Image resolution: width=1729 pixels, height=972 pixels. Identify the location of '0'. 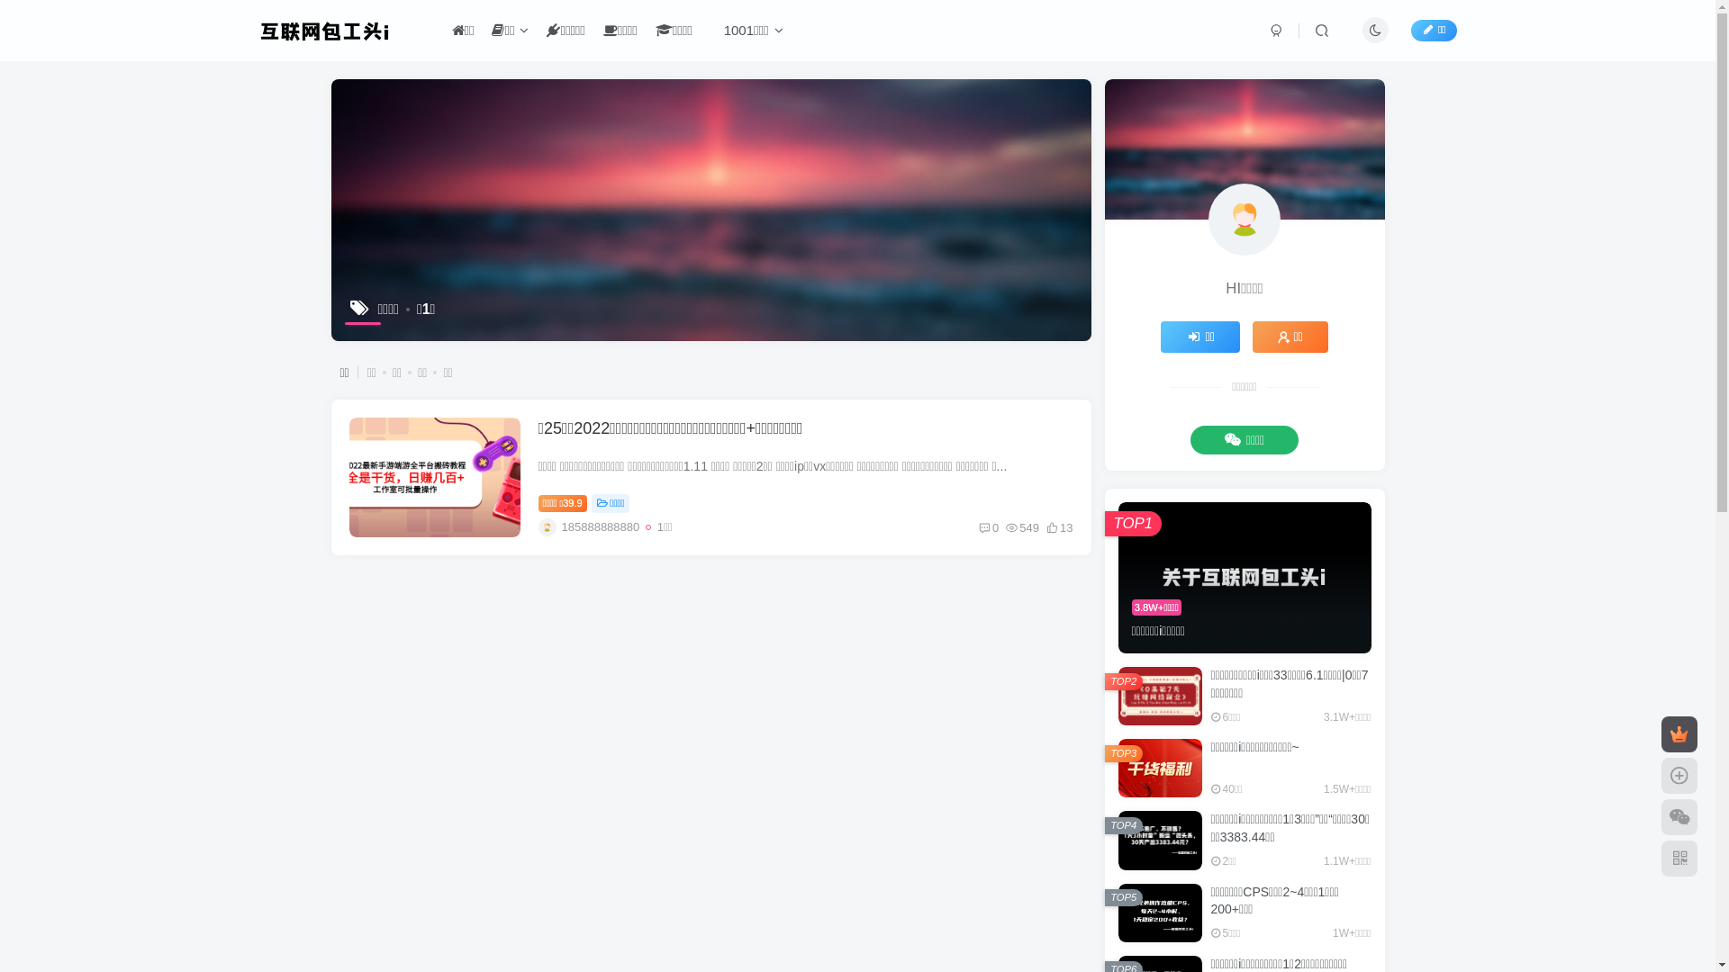
(988, 526).